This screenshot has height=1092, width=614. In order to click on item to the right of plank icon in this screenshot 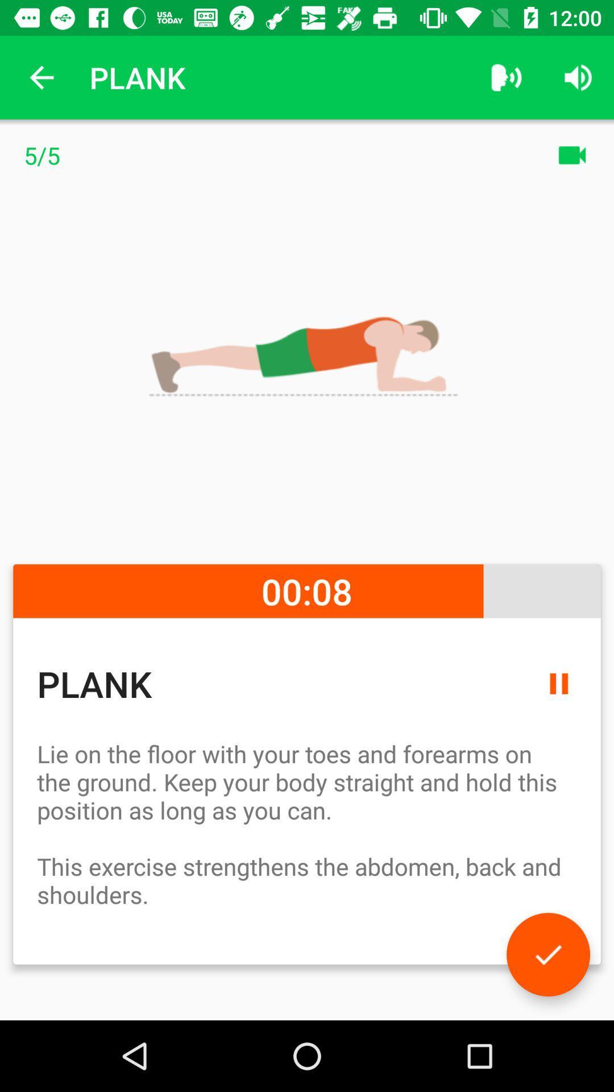, I will do `click(506, 77)`.